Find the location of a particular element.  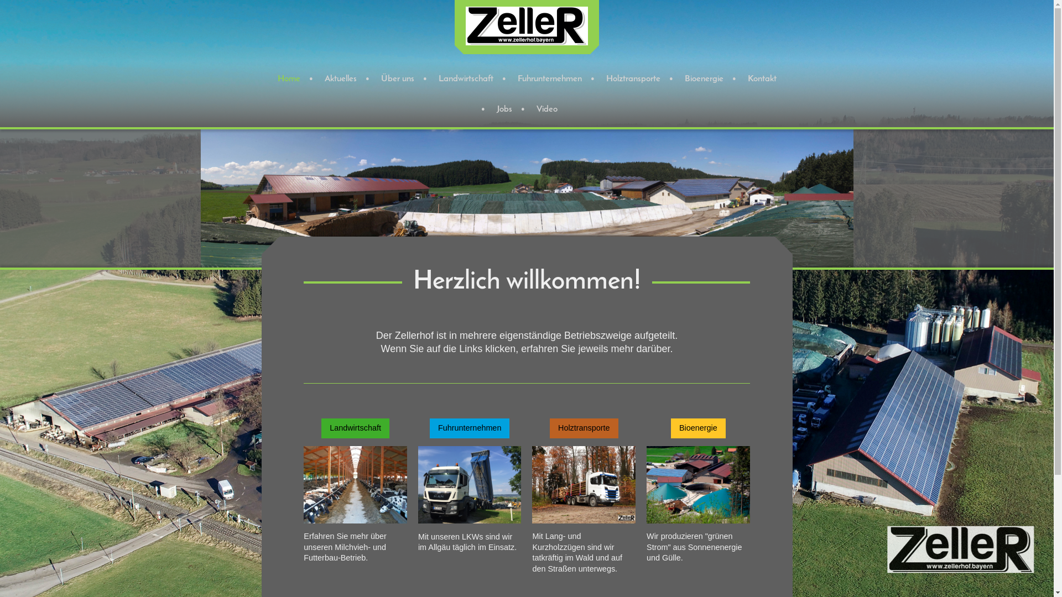

'Home' is located at coordinates (289, 78).